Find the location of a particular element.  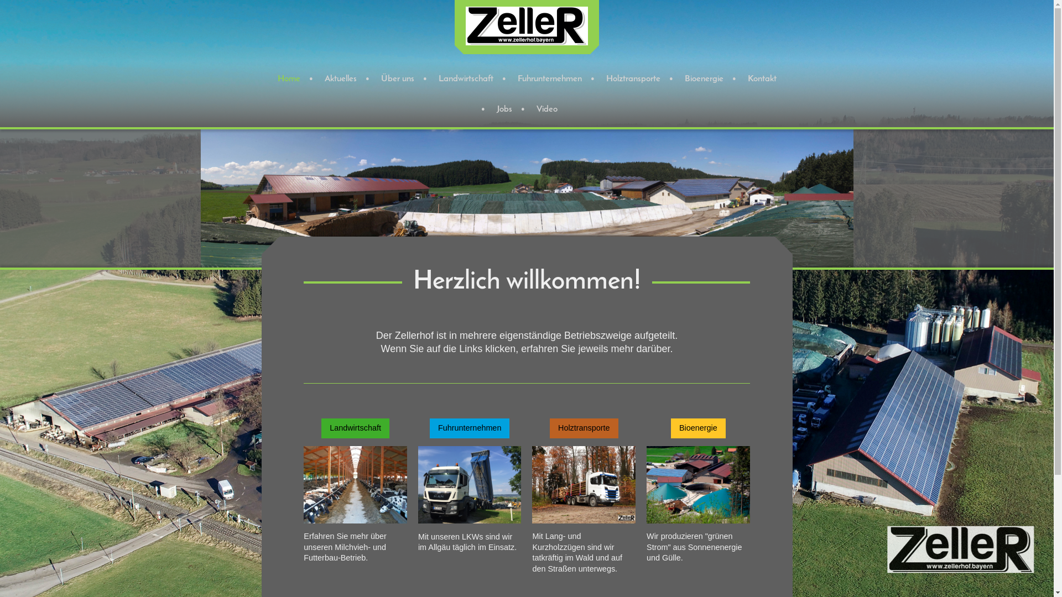

'Home' is located at coordinates (289, 78).